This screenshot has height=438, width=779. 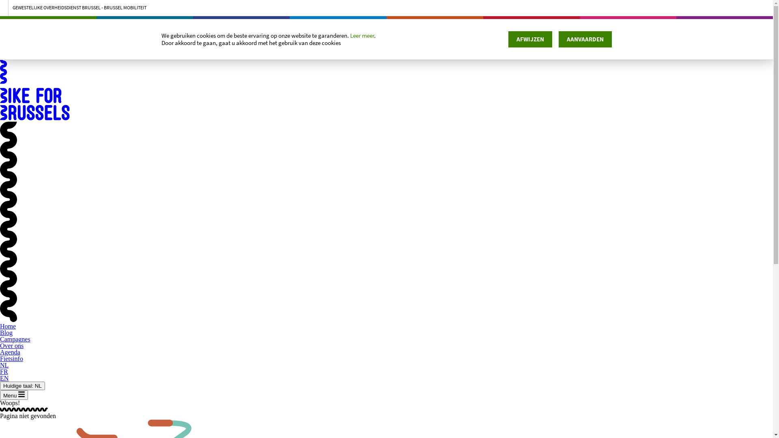 I want to click on 'AANVAARDEN', so click(x=585, y=39).